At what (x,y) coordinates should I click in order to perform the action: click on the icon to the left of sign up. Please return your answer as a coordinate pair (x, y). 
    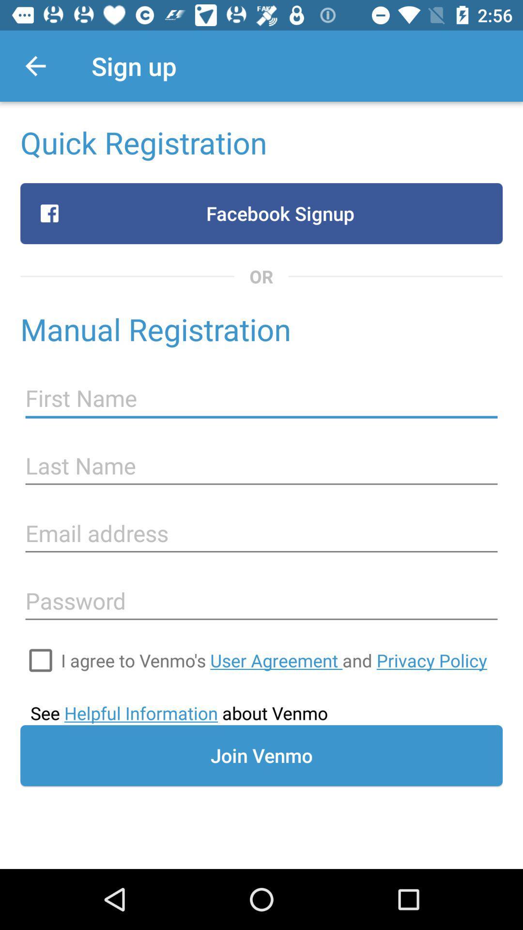
    Looking at the image, I should click on (35, 65).